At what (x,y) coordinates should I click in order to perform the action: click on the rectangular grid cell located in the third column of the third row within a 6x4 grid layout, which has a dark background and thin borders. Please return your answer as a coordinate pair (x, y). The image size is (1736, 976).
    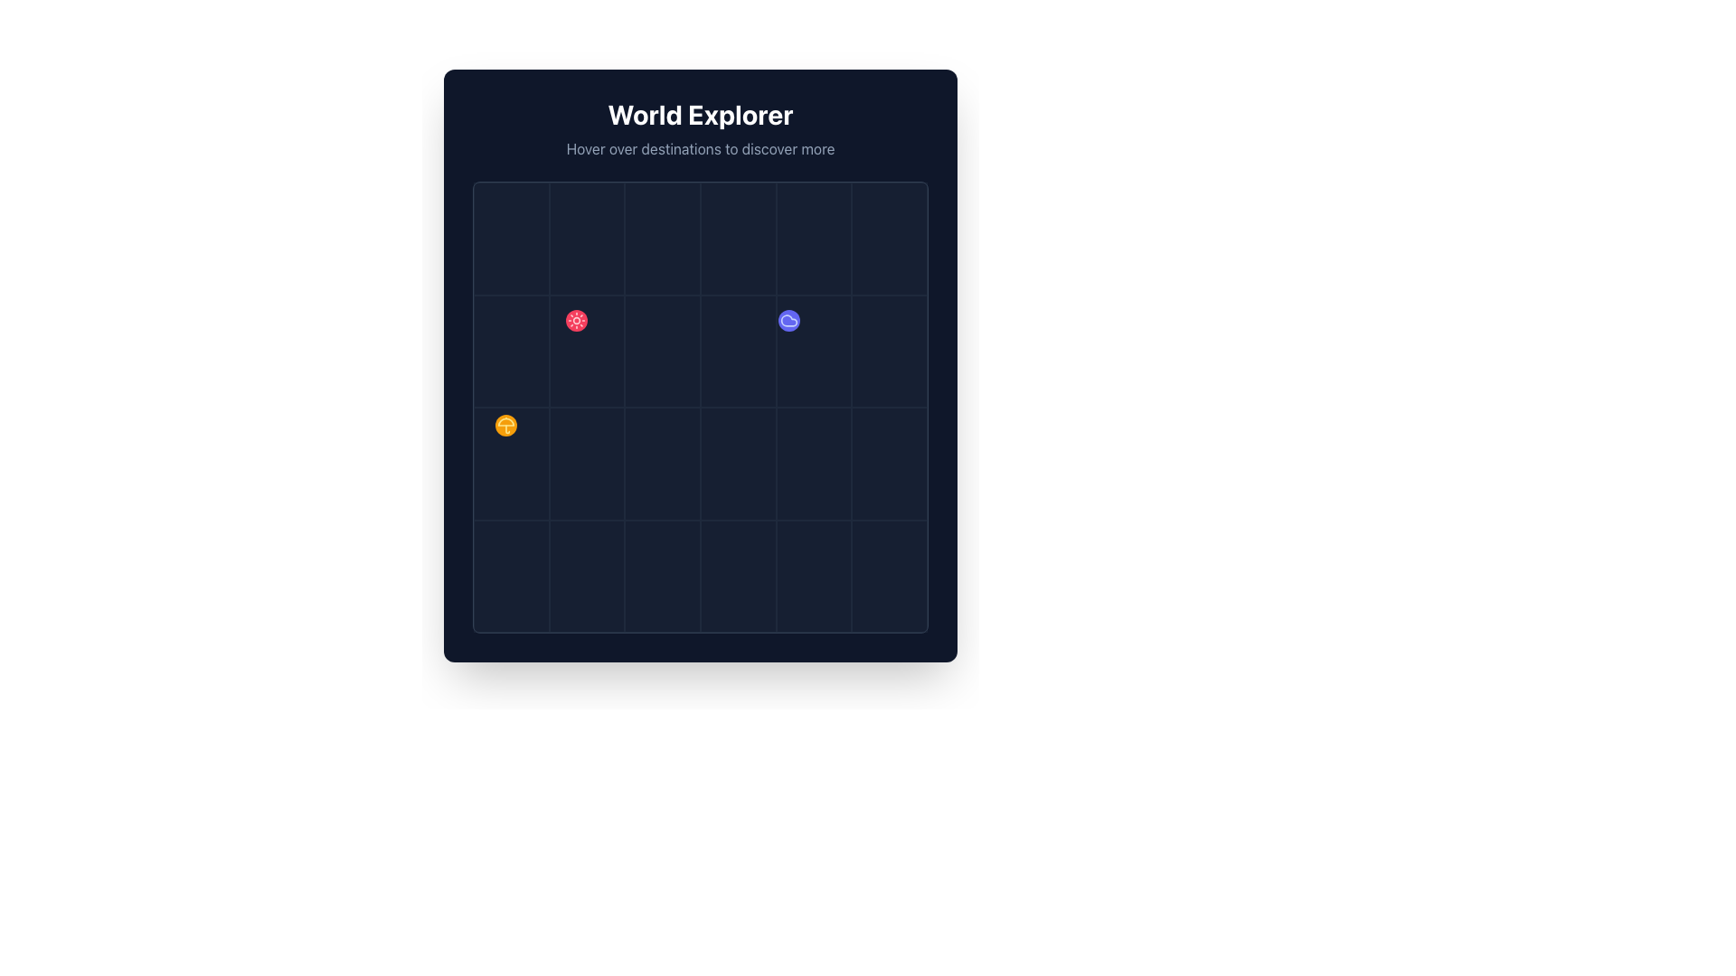
    Looking at the image, I should click on (587, 463).